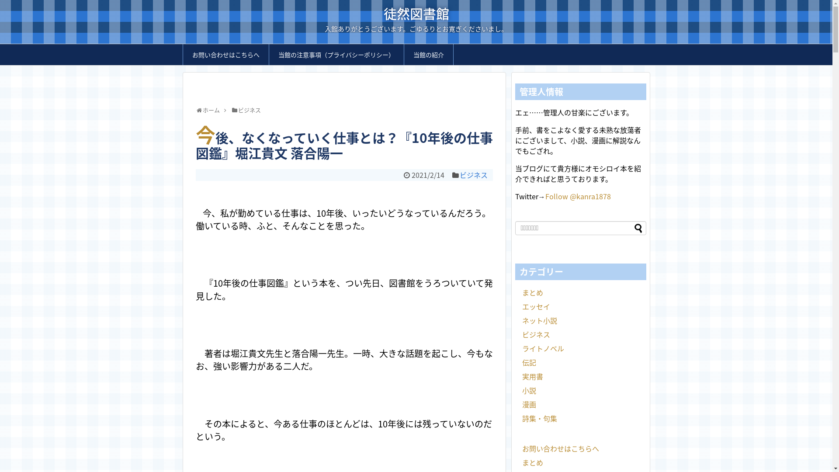 The image size is (839, 472). What do you see at coordinates (578, 195) in the screenshot?
I see `'Follow @kanra1878'` at bounding box center [578, 195].